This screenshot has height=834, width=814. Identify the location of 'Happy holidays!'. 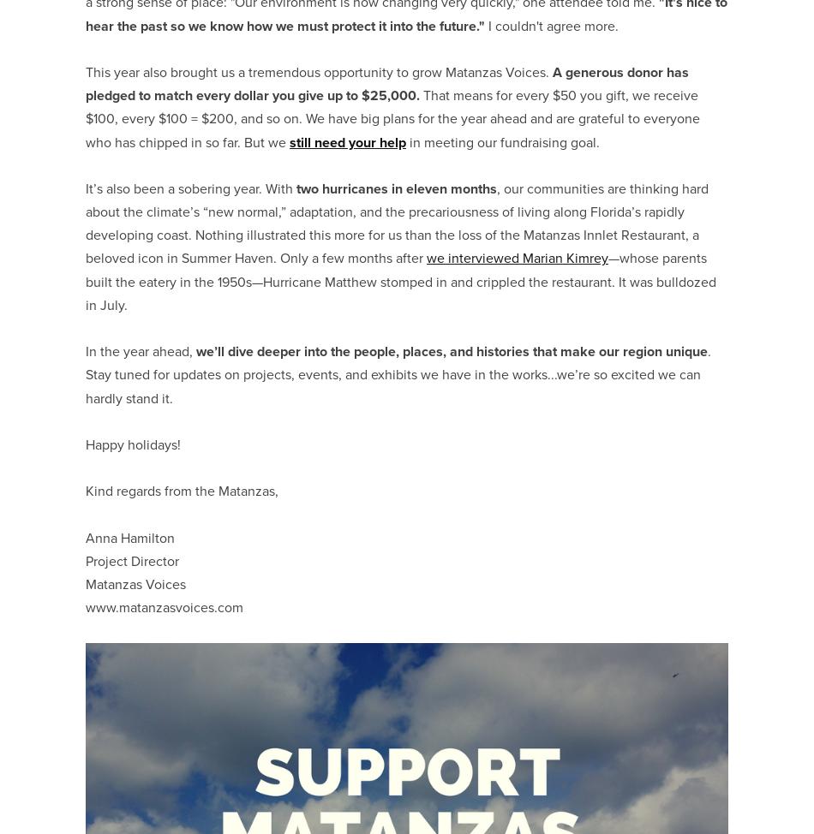
(135, 444).